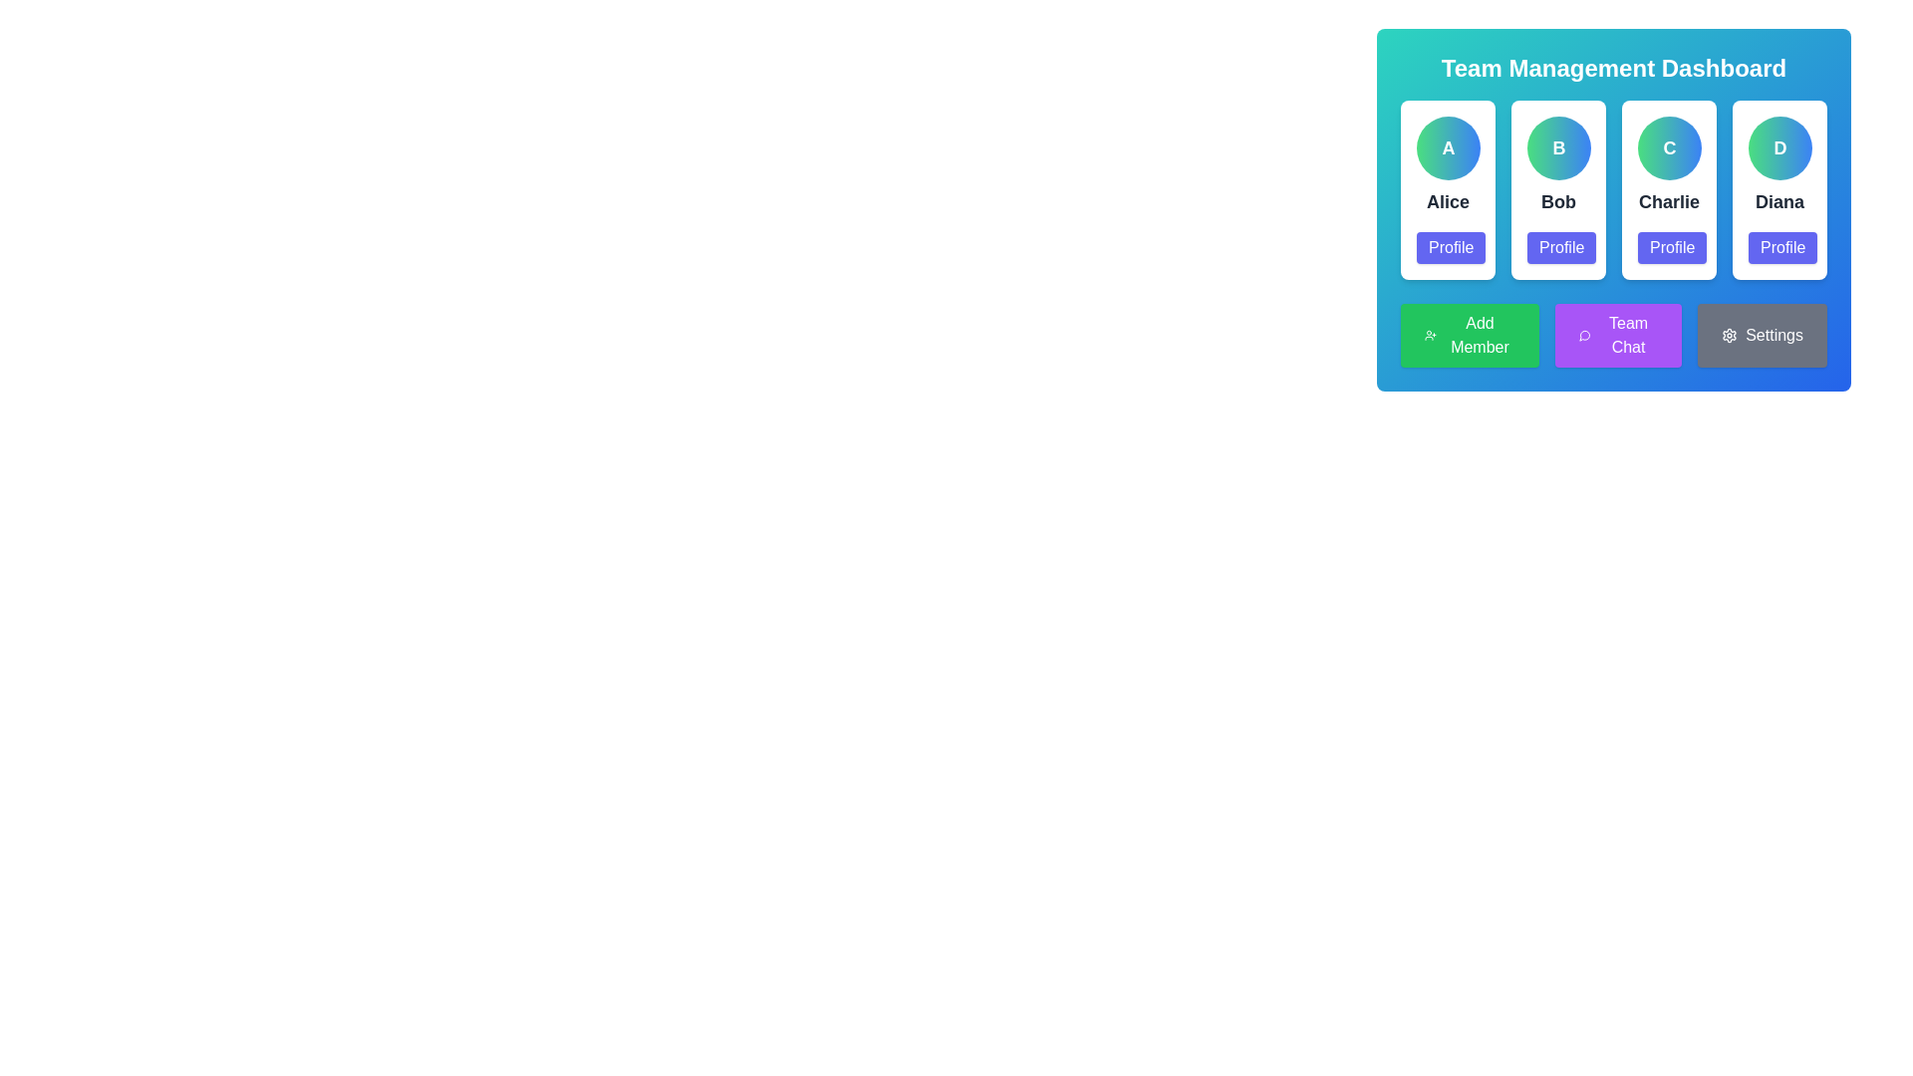 This screenshot has width=1913, height=1076. What do you see at coordinates (1430, 334) in the screenshot?
I see `the add user icon located to the left of the text content in the 'Add Member' button at the bottom left corner of the main card` at bounding box center [1430, 334].